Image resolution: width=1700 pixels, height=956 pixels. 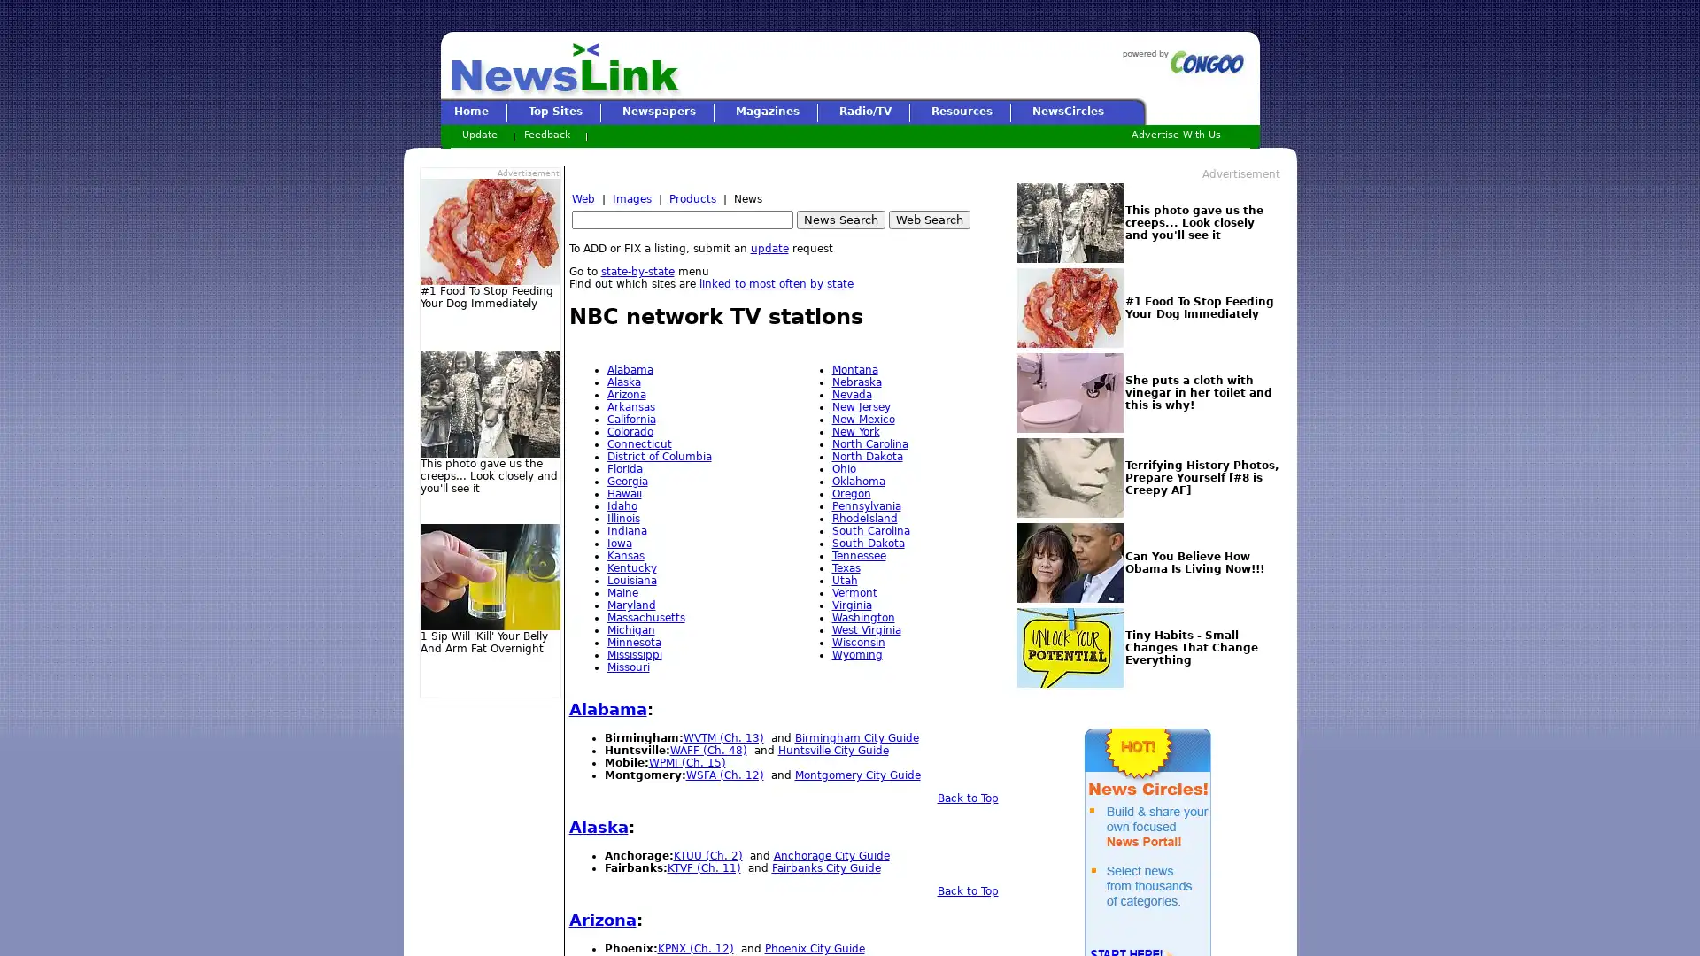 I want to click on News Search, so click(x=839, y=219).